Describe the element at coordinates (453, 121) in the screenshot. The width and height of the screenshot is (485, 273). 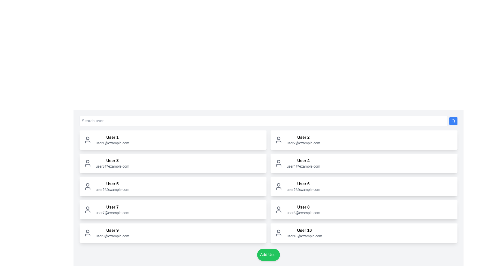
I see `the circular part of the magnifying glass icon located at the top-right corner of the search field` at that location.